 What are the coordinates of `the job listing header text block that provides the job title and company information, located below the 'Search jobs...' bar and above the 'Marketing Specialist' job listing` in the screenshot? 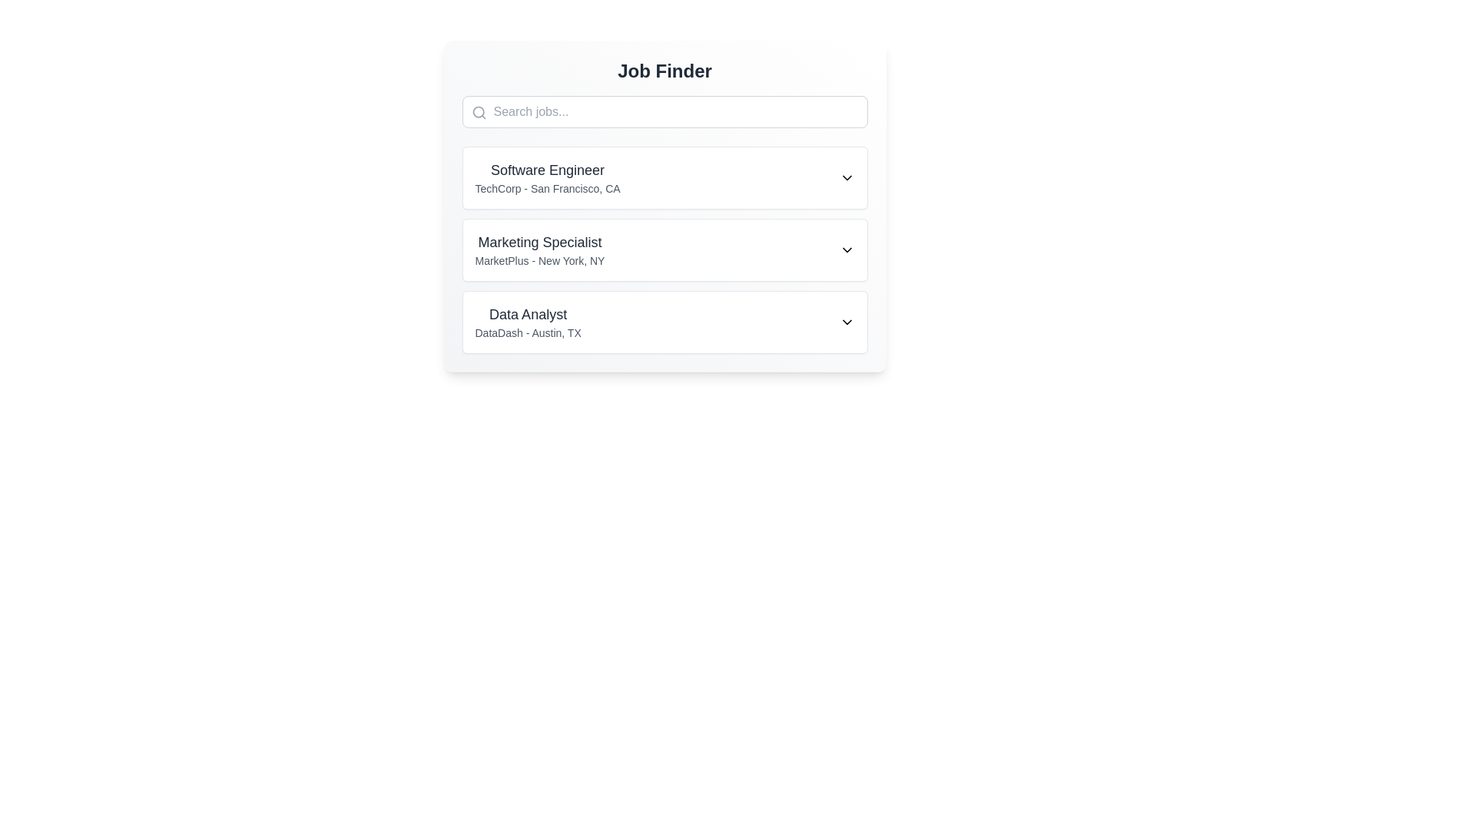 It's located at (548, 177).